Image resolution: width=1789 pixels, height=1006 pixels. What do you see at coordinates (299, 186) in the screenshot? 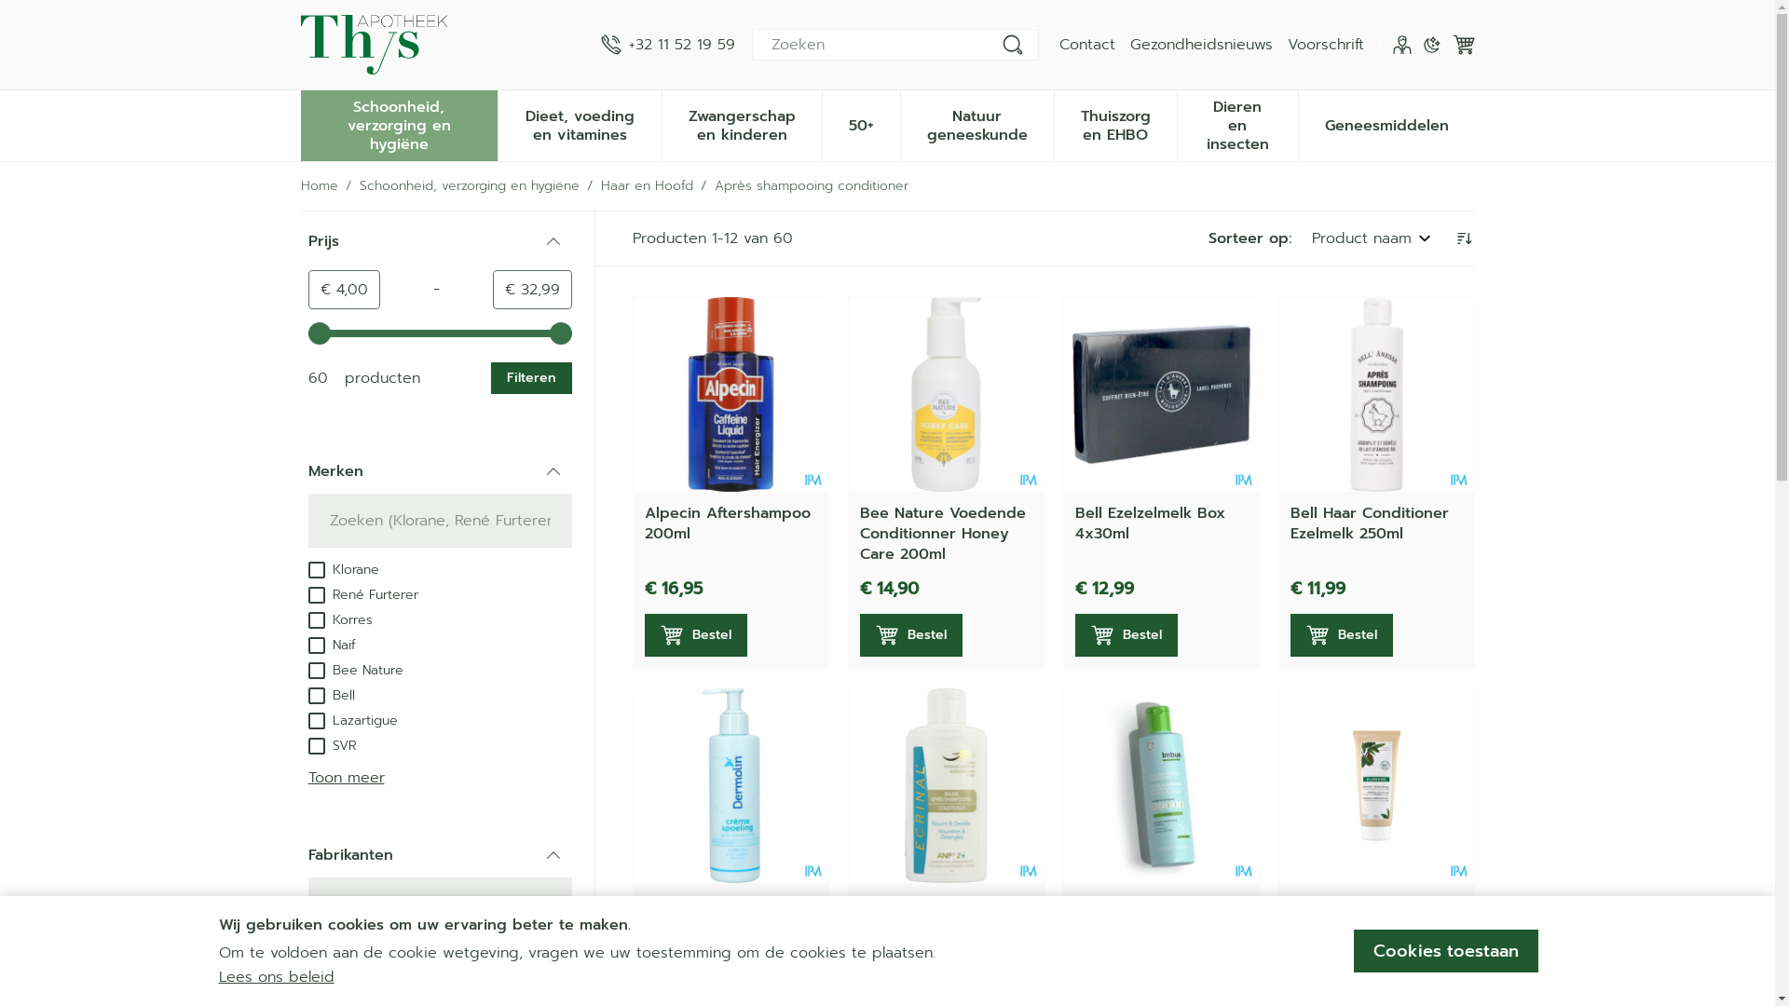
I see `'Home'` at bounding box center [299, 186].